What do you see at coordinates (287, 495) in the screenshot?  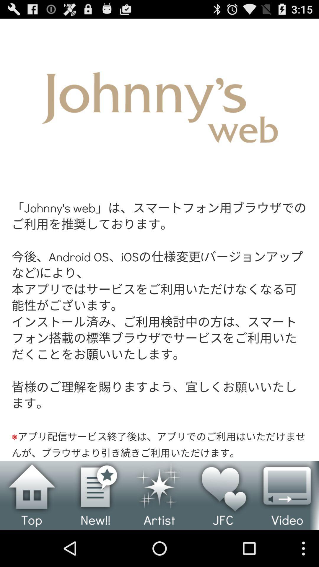 I see `video` at bounding box center [287, 495].